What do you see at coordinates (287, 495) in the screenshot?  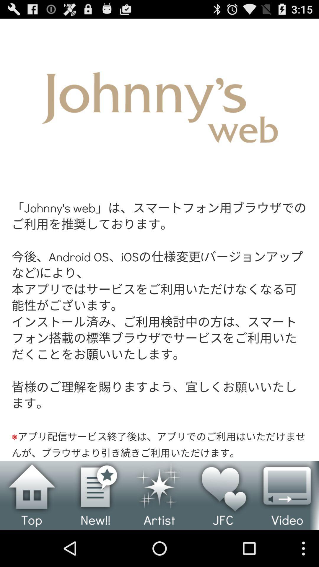 I see `video` at bounding box center [287, 495].